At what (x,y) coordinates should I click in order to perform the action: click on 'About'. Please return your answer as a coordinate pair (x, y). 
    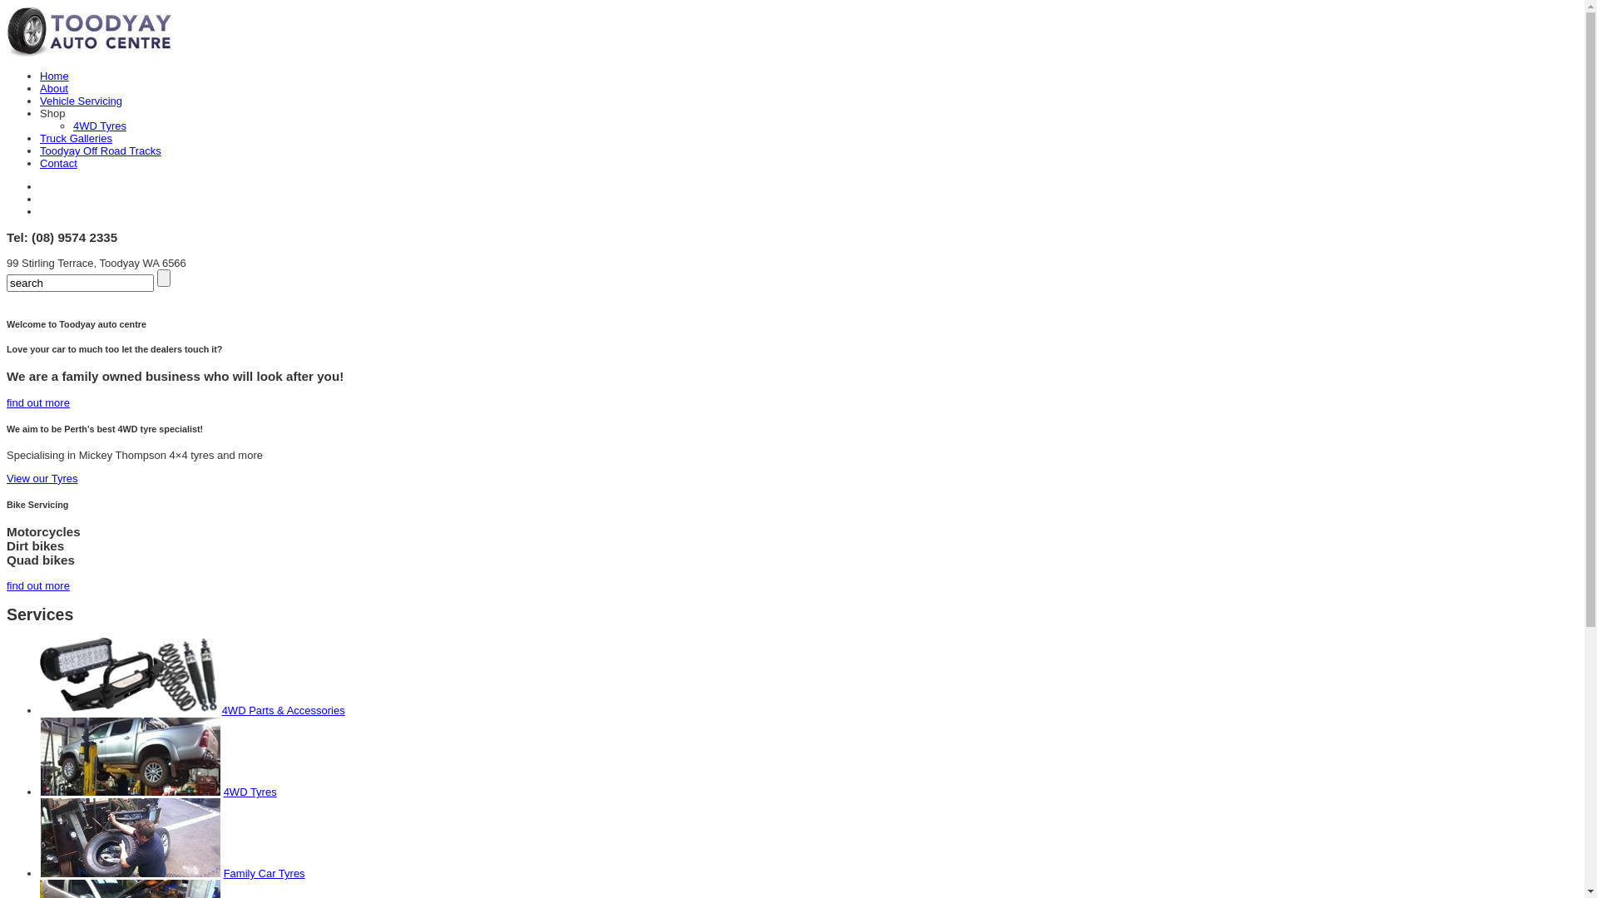
    Looking at the image, I should click on (40, 88).